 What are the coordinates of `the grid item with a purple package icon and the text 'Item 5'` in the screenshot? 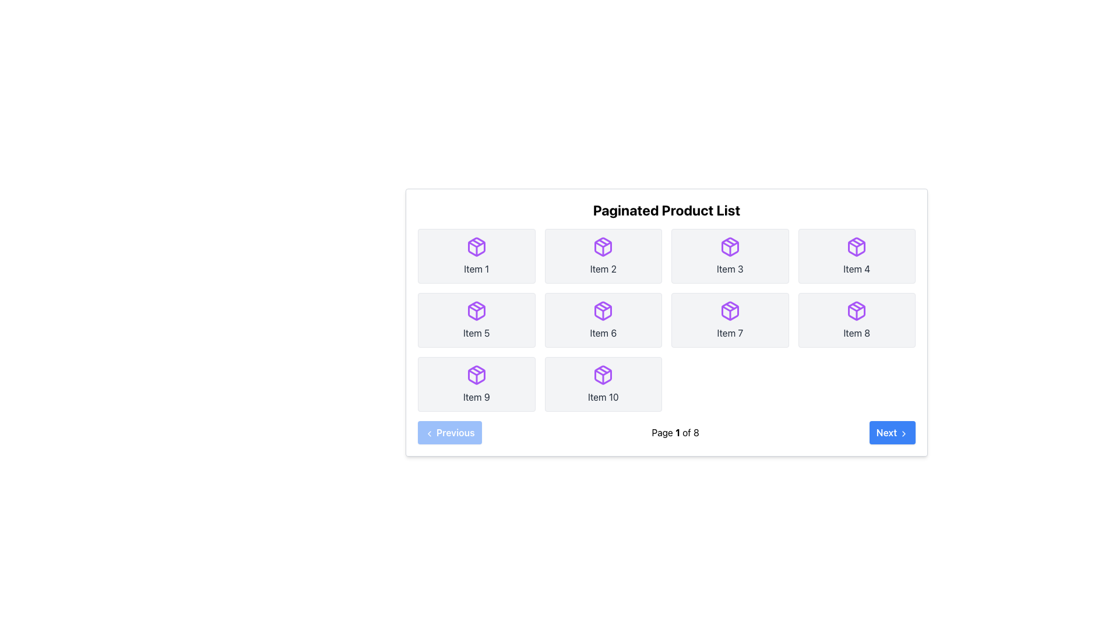 It's located at (476, 320).